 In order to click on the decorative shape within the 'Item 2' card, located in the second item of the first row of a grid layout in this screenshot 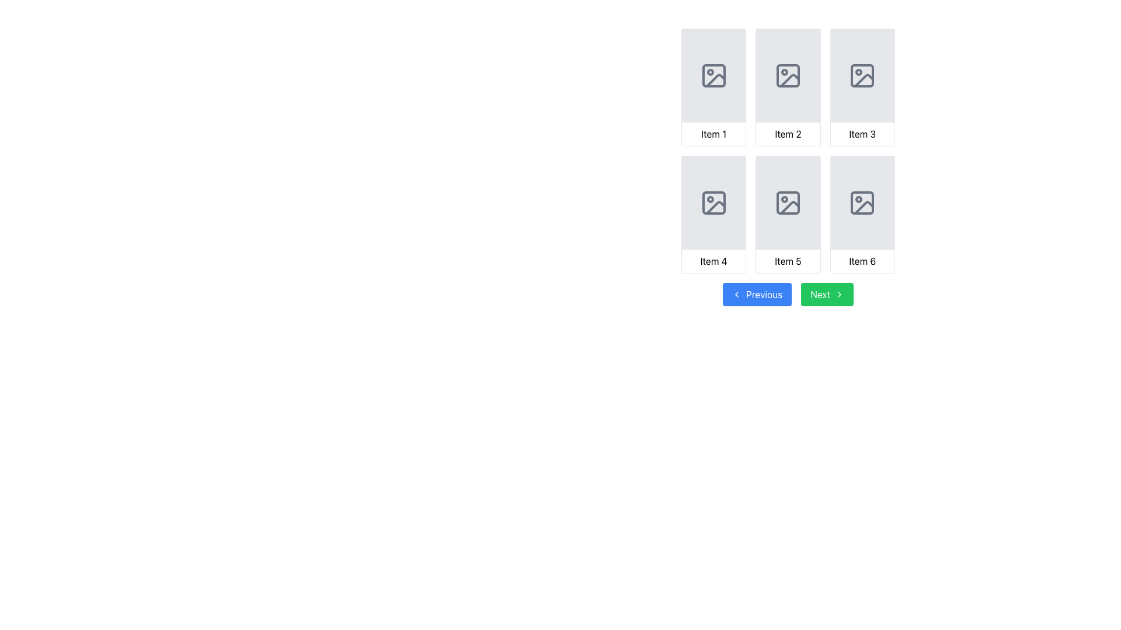, I will do `click(788, 76)`.